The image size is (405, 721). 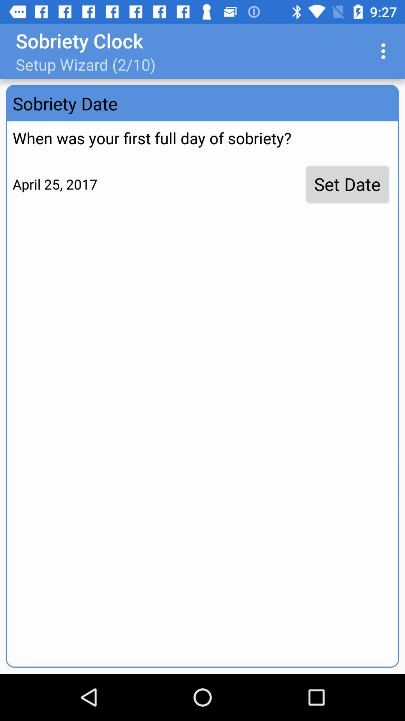 I want to click on the set date item, so click(x=347, y=184).